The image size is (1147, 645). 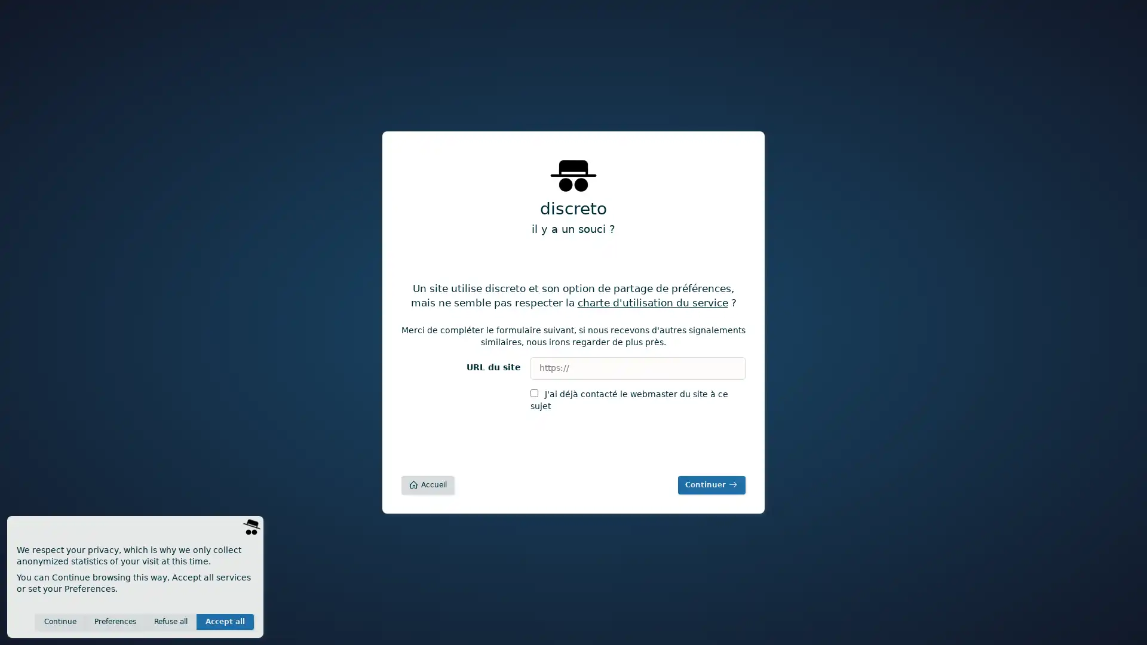 What do you see at coordinates (225, 621) in the screenshot?
I see `Accept all` at bounding box center [225, 621].